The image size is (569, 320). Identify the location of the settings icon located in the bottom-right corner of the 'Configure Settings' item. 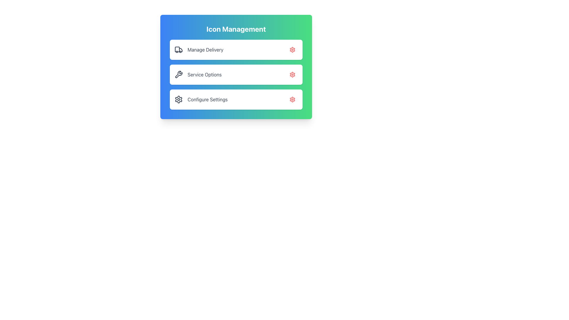
(178, 99).